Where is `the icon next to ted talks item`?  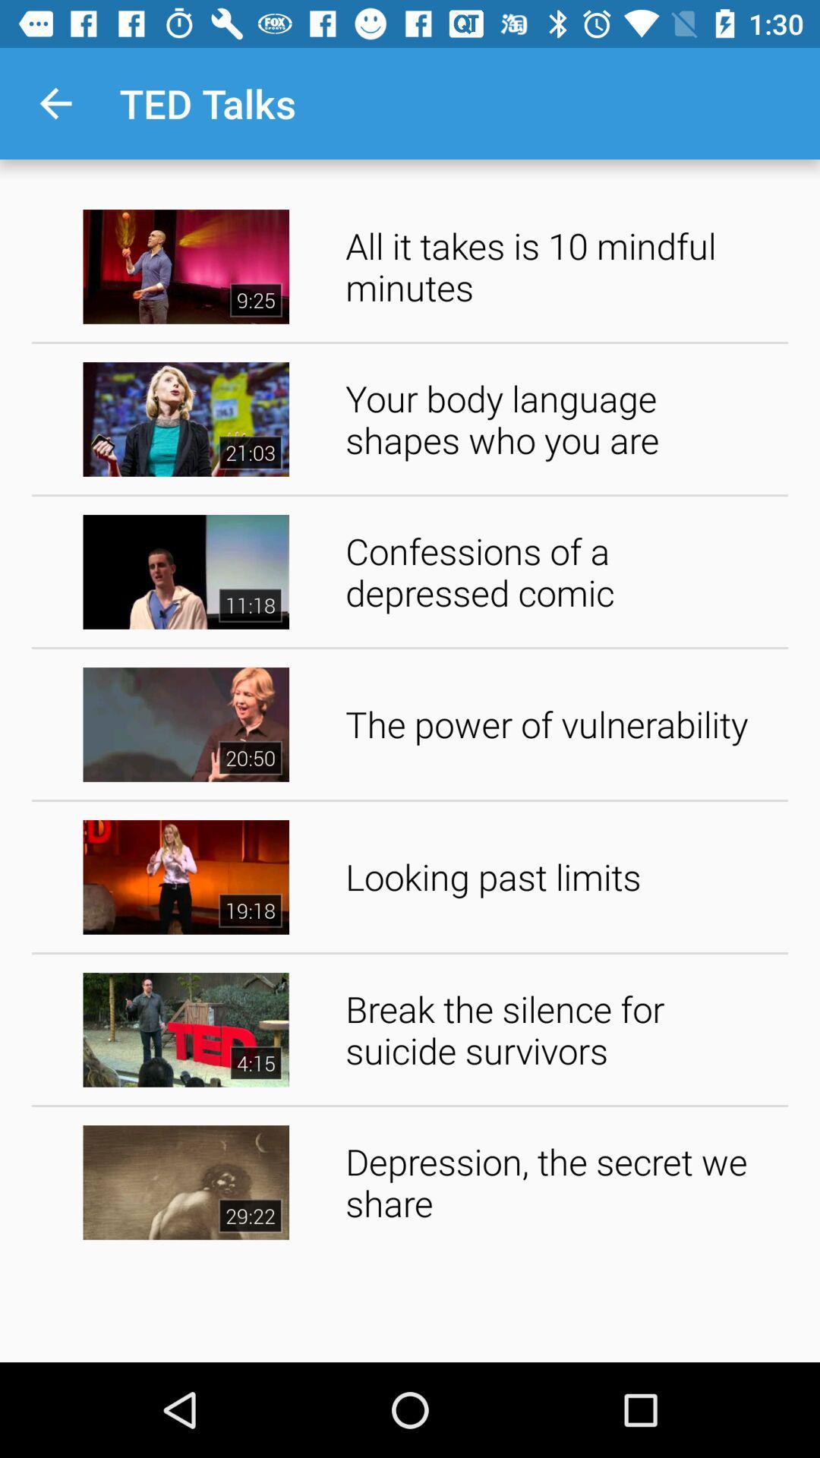
the icon next to ted talks item is located at coordinates (55, 103).